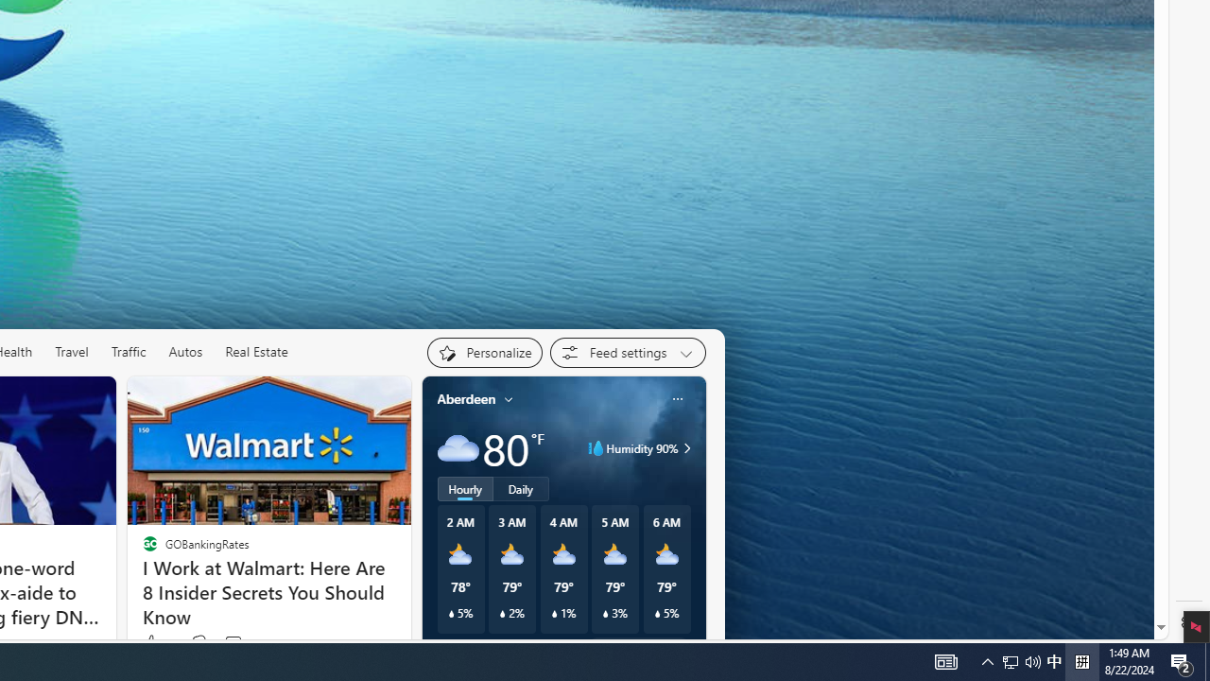 This screenshot has width=1210, height=681. Describe the element at coordinates (157, 642) in the screenshot. I see `'2k Like'` at that location.